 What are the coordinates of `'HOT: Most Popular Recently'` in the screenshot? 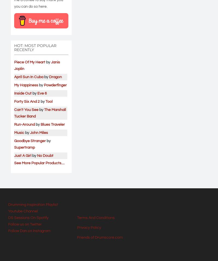 It's located at (35, 47).